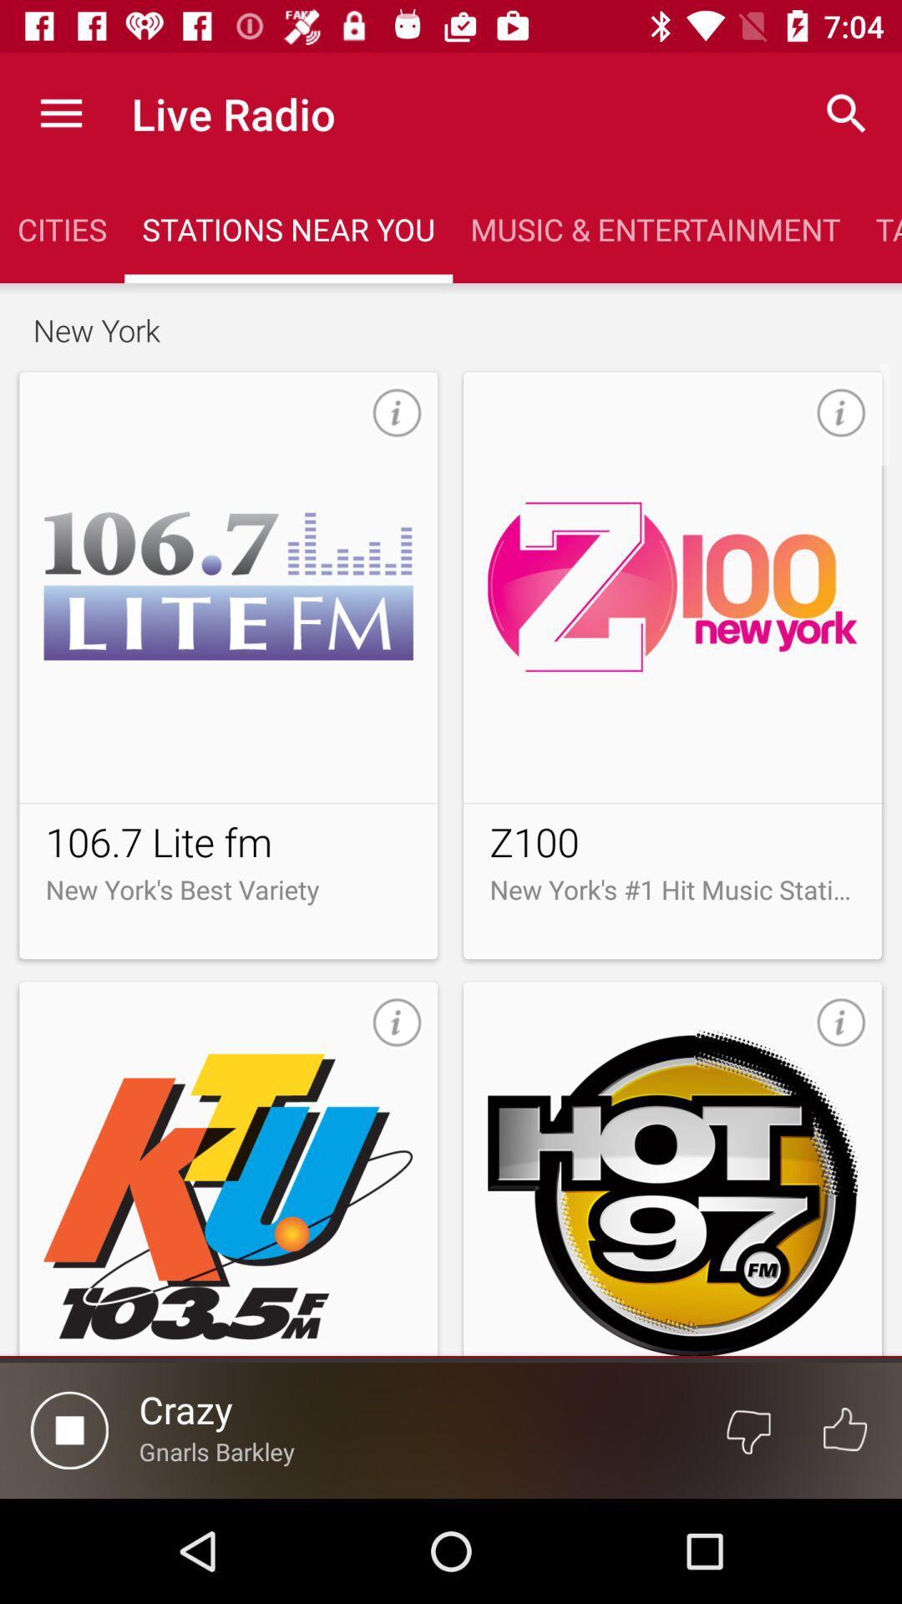 The height and width of the screenshot is (1604, 902). What do you see at coordinates (747, 1429) in the screenshot?
I see `the thumbs_down icon` at bounding box center [747, 1429].